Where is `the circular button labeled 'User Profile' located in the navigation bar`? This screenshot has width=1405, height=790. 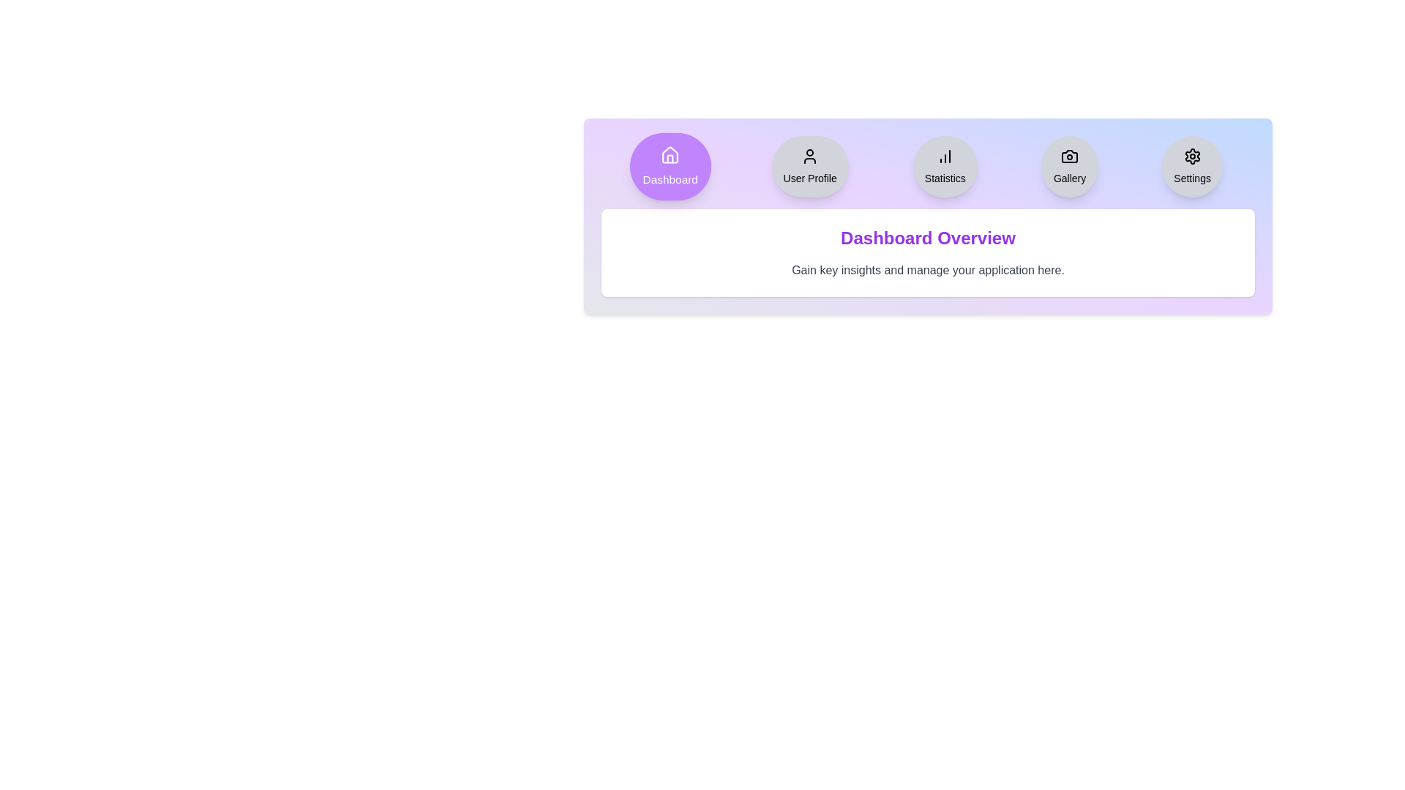
the circular button labeled 'User Profile' located in the navigation bar is located at coordinates (809, 165).